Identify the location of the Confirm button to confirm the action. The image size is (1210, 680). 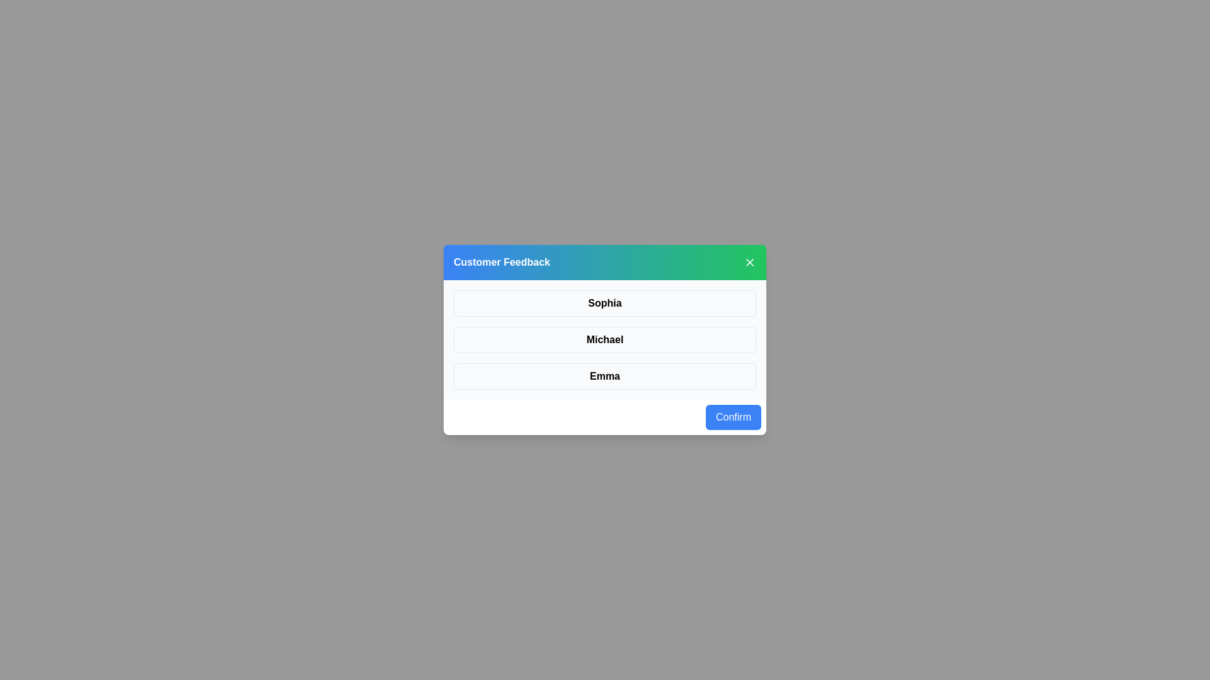
(733, 417).